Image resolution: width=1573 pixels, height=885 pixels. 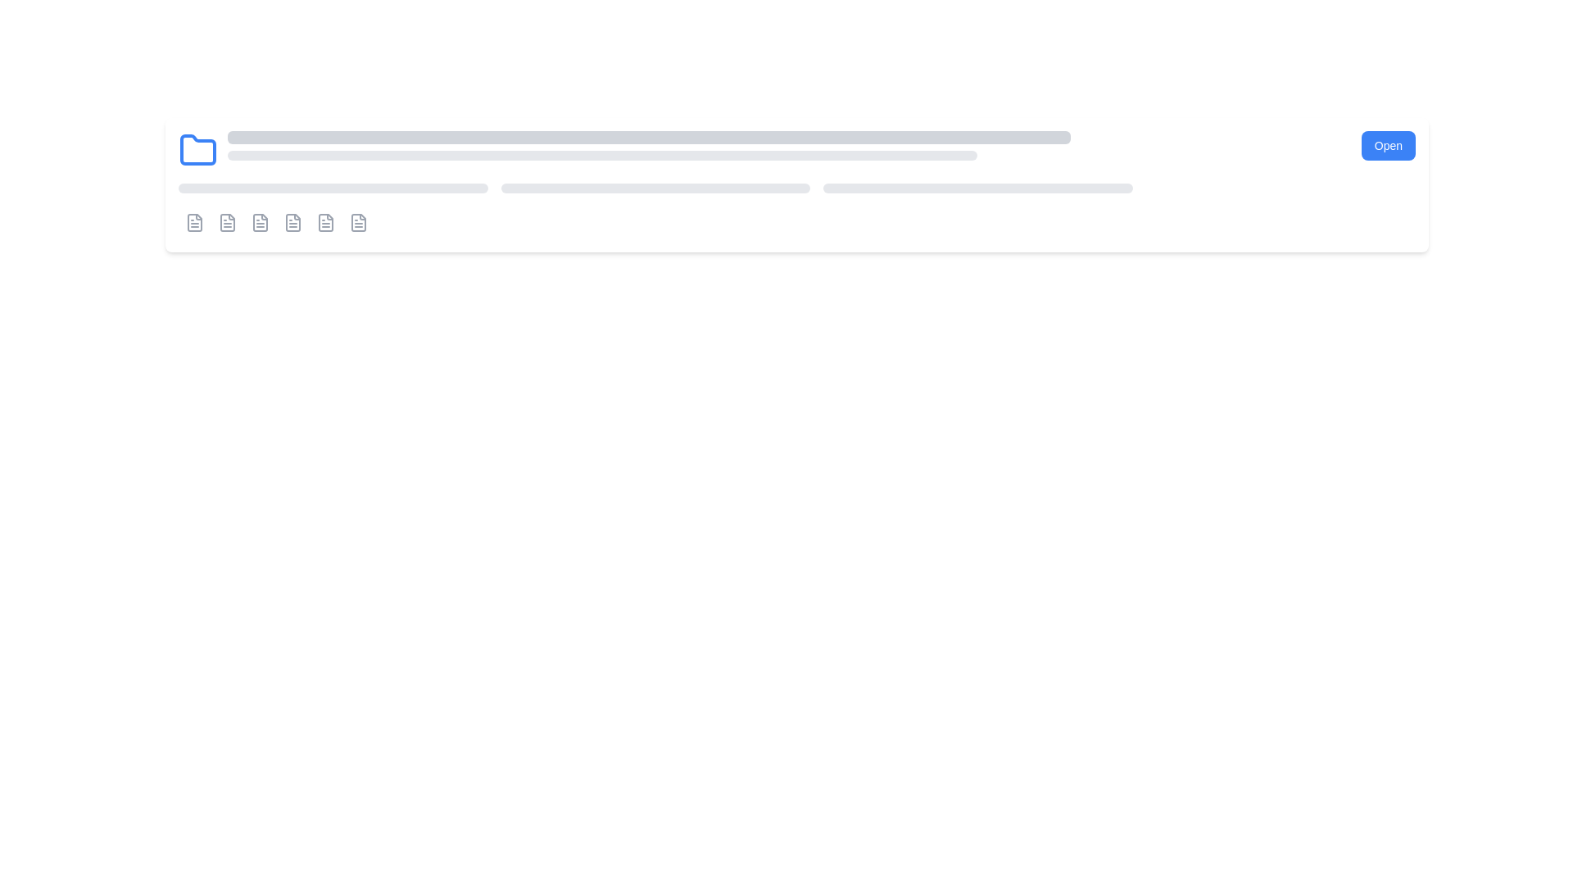 What do you see at coordinates (195, 223) in the screenshot?
I see `the first icon element in the row, which serves as a visual cue for a specific document or file` at bounding box center [195, 223].